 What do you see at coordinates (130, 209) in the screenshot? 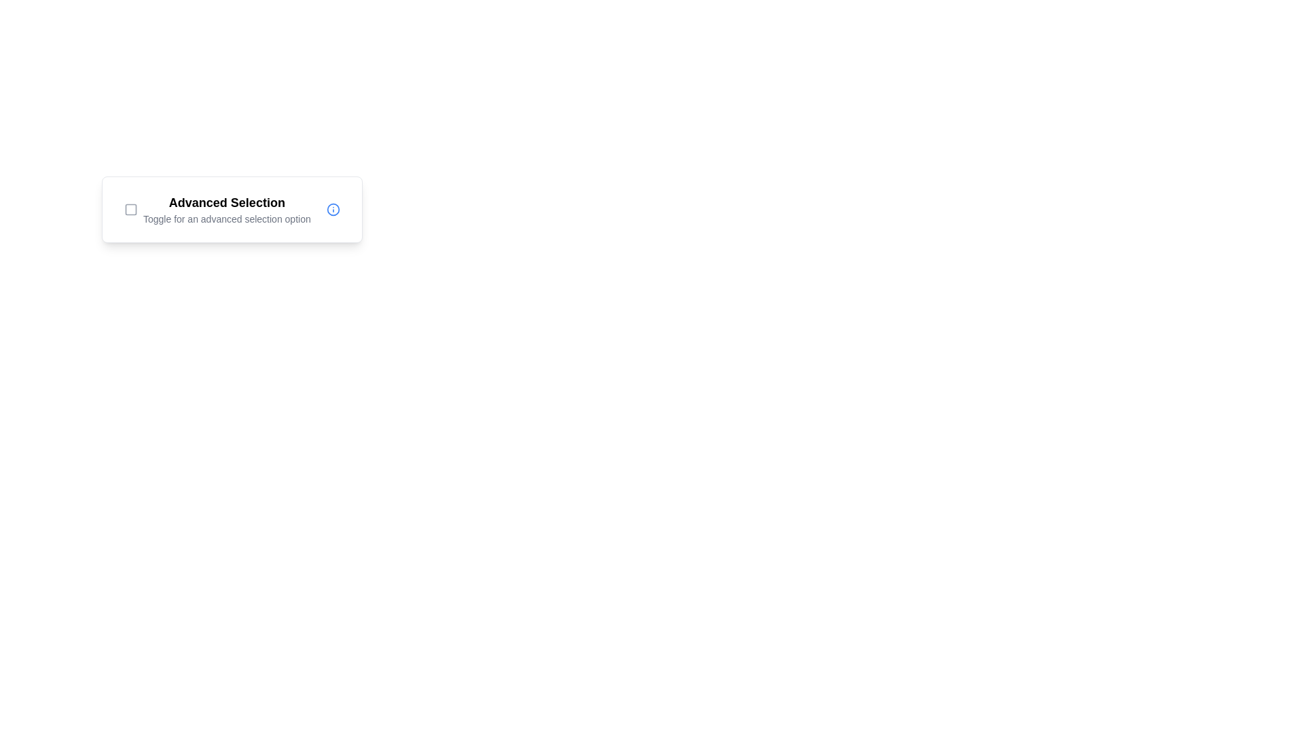
I see `the decorative icon located to the left of the 'Advanced Selection' text, which serves as a visual representation of selection` at bounding box center [130, 209].